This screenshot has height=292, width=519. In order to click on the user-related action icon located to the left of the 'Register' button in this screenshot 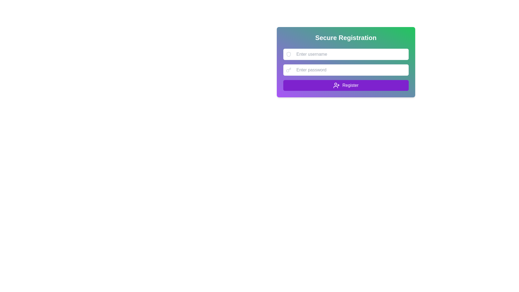, I will do `click(336, 85)`.